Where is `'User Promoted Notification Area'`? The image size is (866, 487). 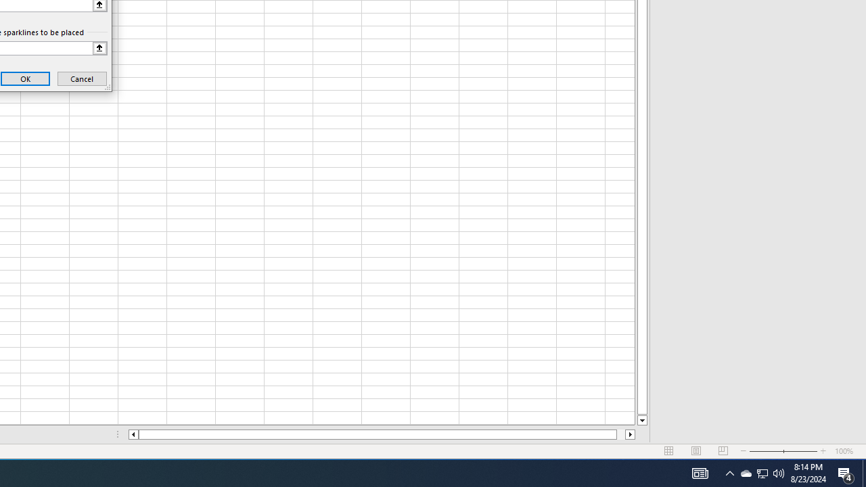
'User Promoted Notification Area' is located at coordinates (762, 472).